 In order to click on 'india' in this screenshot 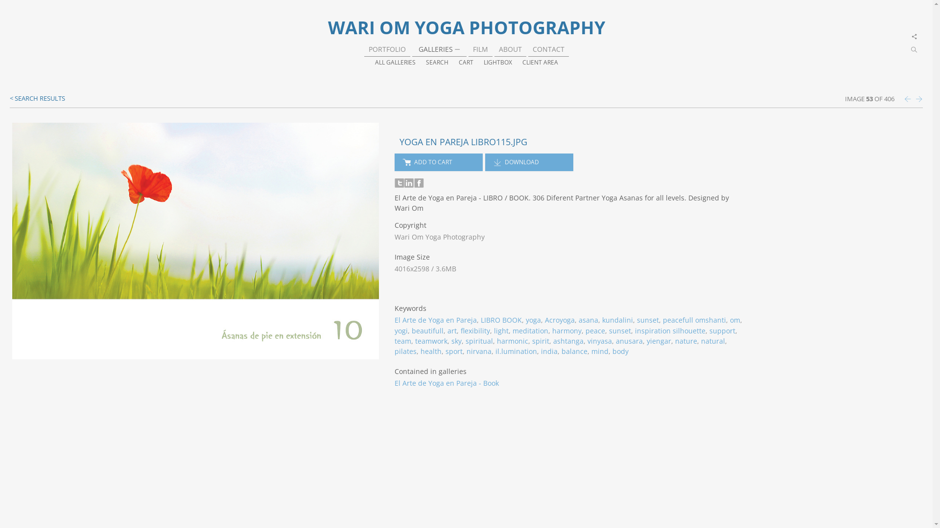, I will do `click(549, 351)`.